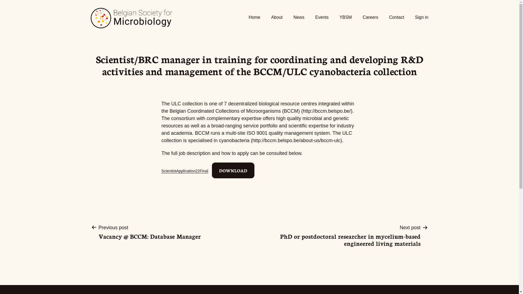  Describe the element at coordinates (421, 17) in the screenshot. I see `'Sign in'` at that location.